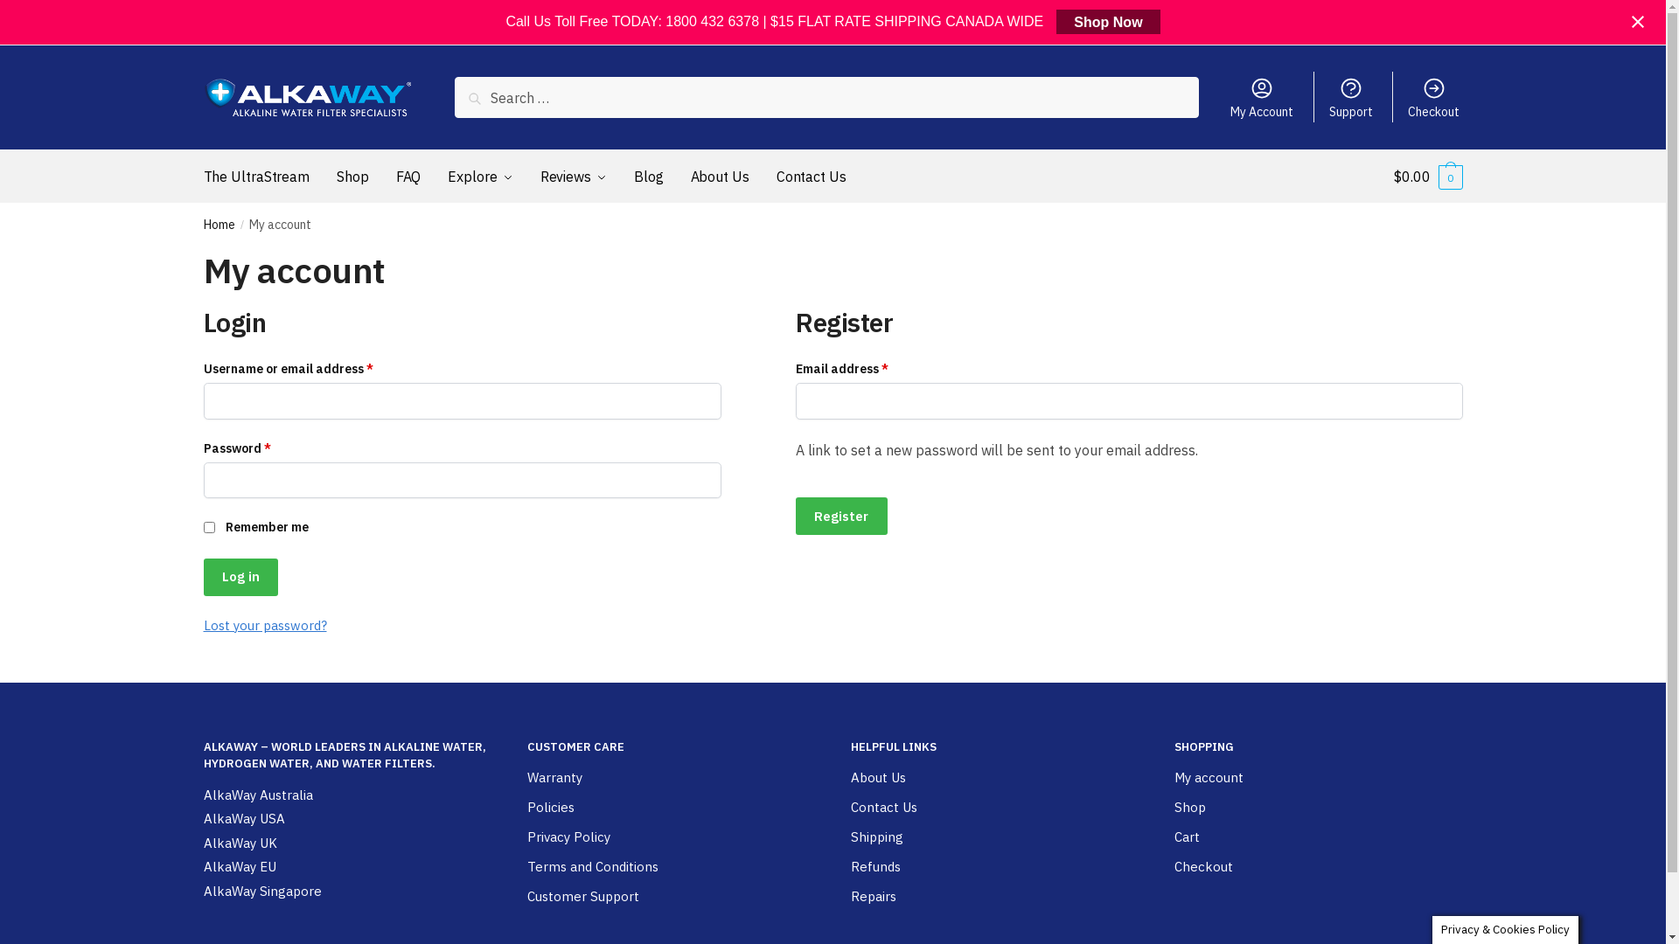  What do you see at coordinates (261, 892) in the screenshot?
I see `'AlkaWay Singapore'` at bounding box center [261, 892].